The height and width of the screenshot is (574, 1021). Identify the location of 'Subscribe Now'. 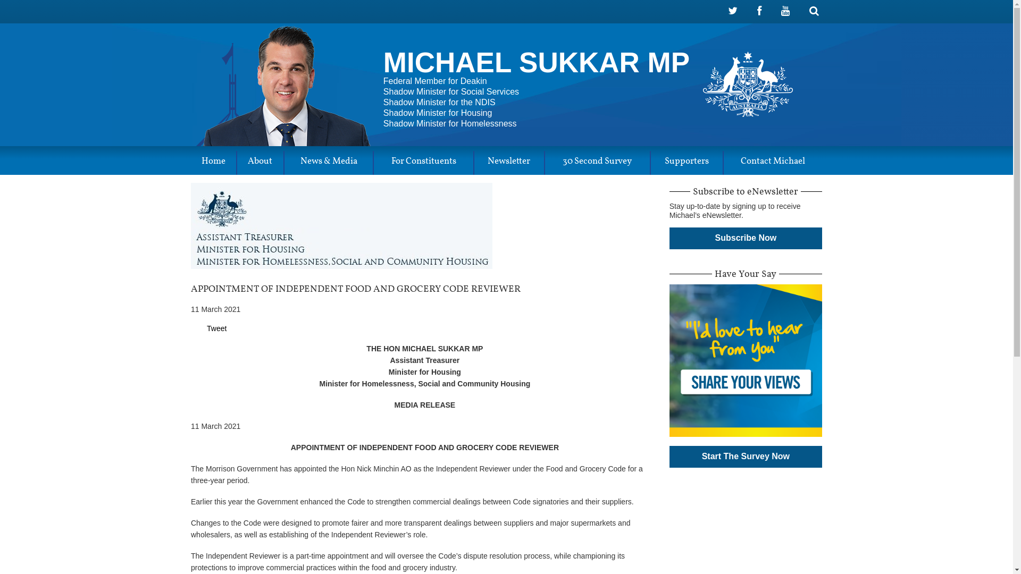
(745, 238).